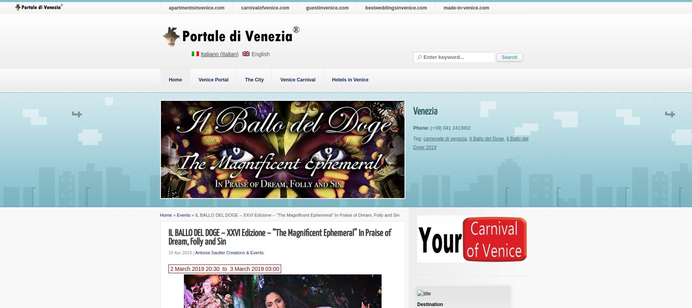 The image size is (692, 308). I want to click on '2 March 2019 20:30', so click(195, 268).